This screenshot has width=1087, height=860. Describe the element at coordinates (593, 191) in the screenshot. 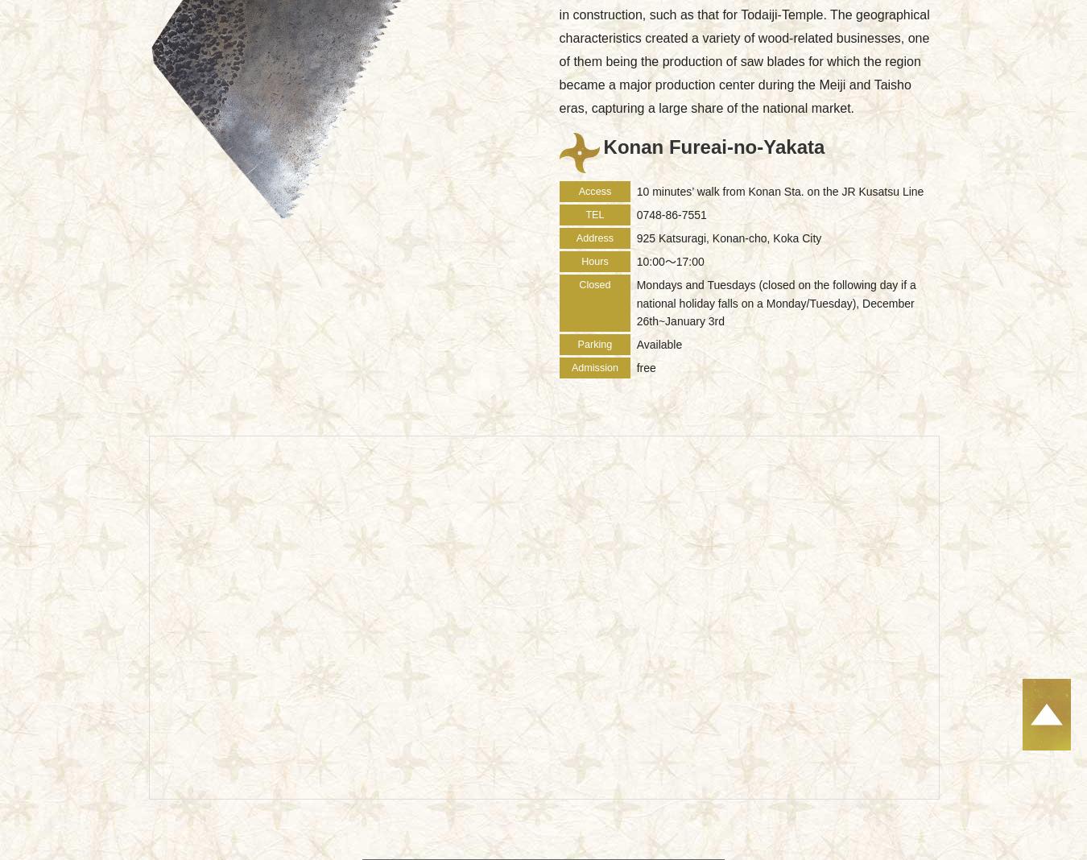

I see `'Access'` at that location.